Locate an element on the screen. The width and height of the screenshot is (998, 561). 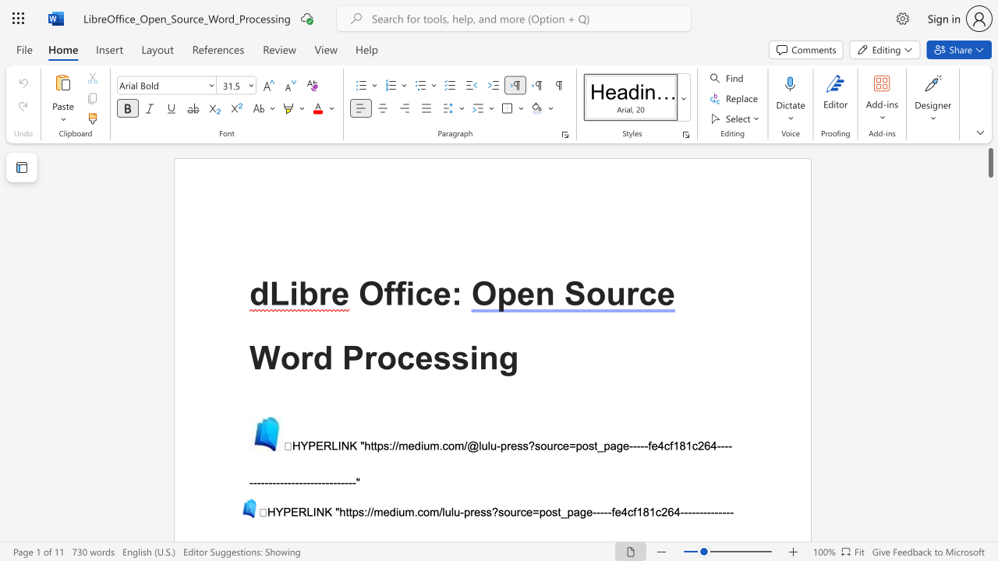
the scrollbar to slide the page down is located at coordinates (989, 234).